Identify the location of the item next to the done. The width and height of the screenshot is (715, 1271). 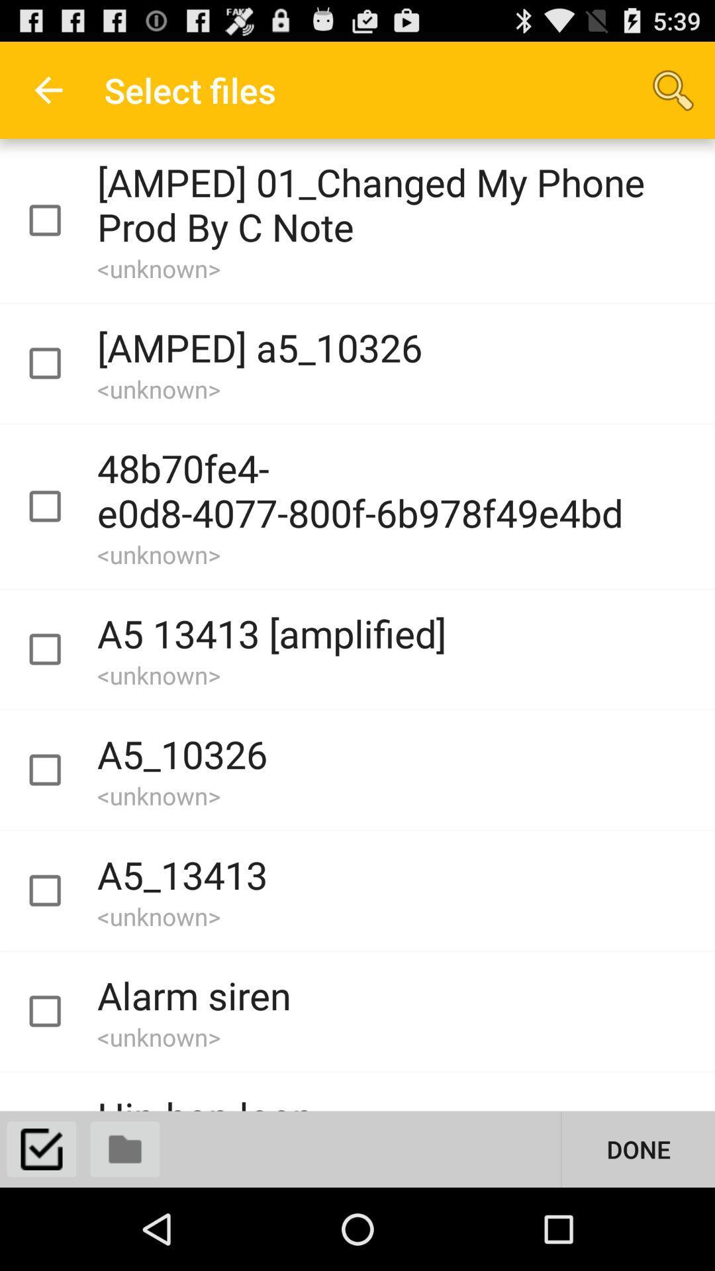
(125, 1149).